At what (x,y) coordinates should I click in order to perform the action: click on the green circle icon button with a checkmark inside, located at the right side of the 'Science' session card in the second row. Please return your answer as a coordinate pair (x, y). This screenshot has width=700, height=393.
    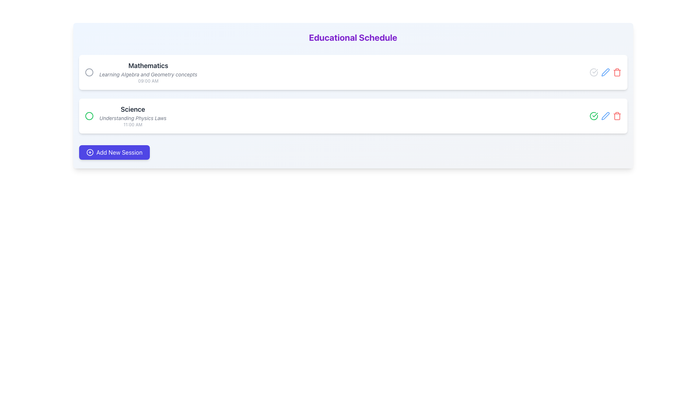
    Looking at the image, I should click on (594, 116).